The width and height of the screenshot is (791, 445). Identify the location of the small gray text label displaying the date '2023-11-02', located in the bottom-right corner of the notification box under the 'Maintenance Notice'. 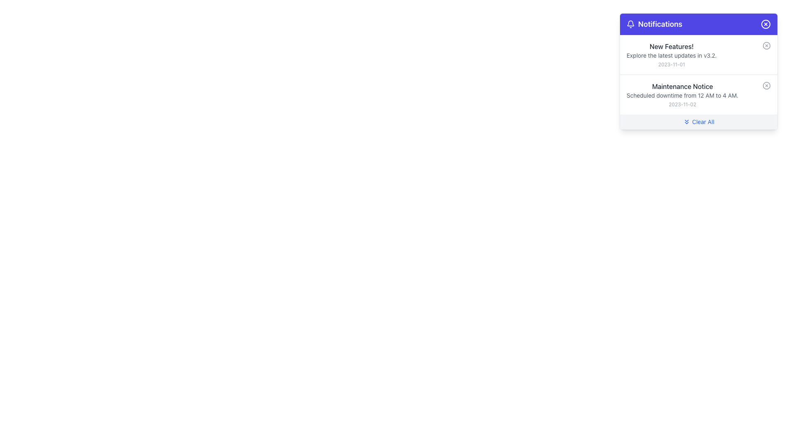
(682, 104).